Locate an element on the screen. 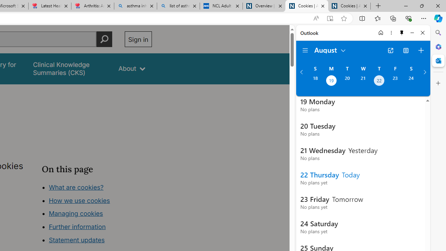 The width and height of the screenshot is (446, 251). 'Perform search' is located at coordinates (104, 39).